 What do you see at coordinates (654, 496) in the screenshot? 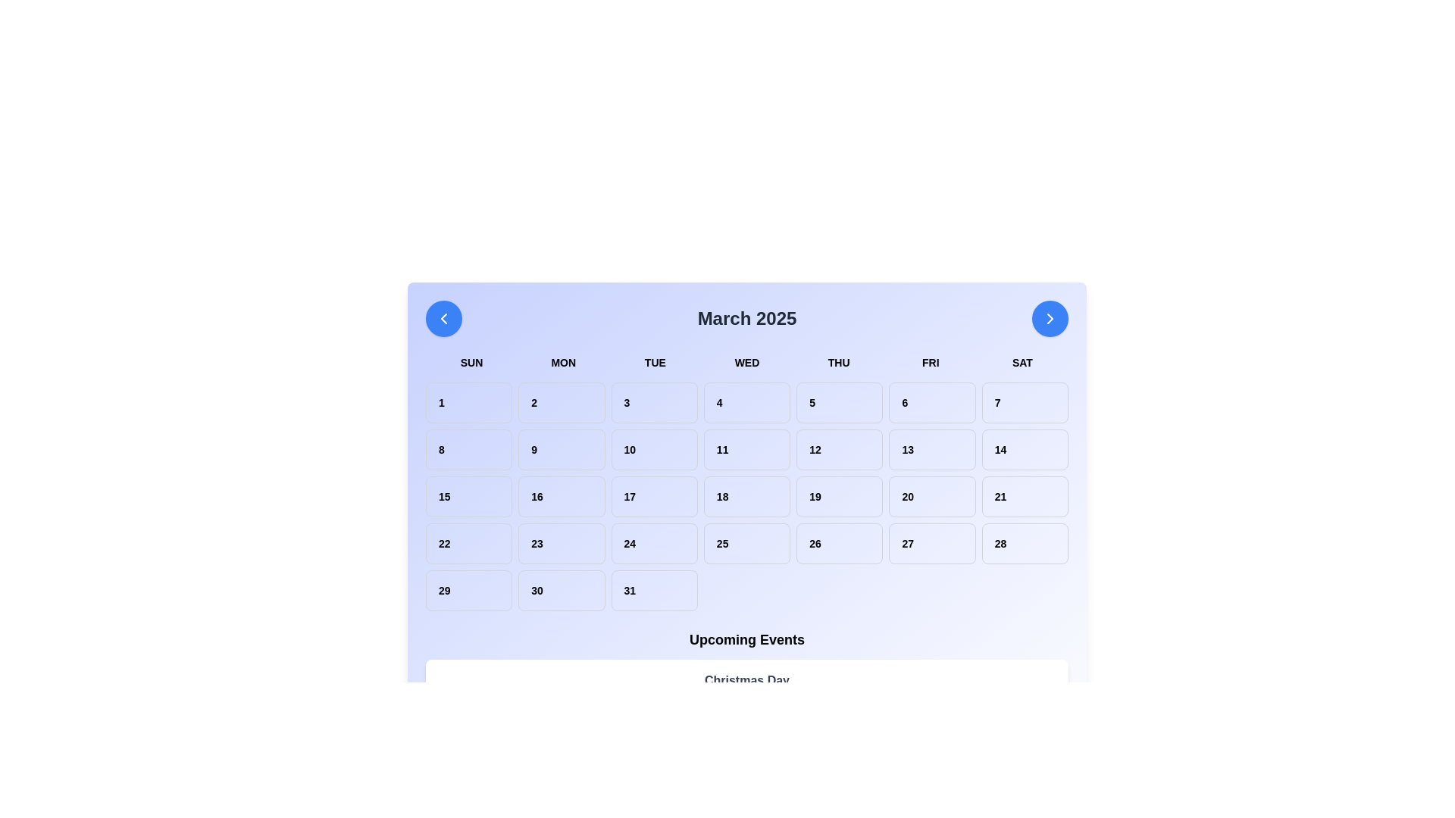
I see `the text label indicating the calendar day '17' located in the 'Tuesday' column of the third row in the calendar grid for accessibility interaction` at bounding box center [654, 496].